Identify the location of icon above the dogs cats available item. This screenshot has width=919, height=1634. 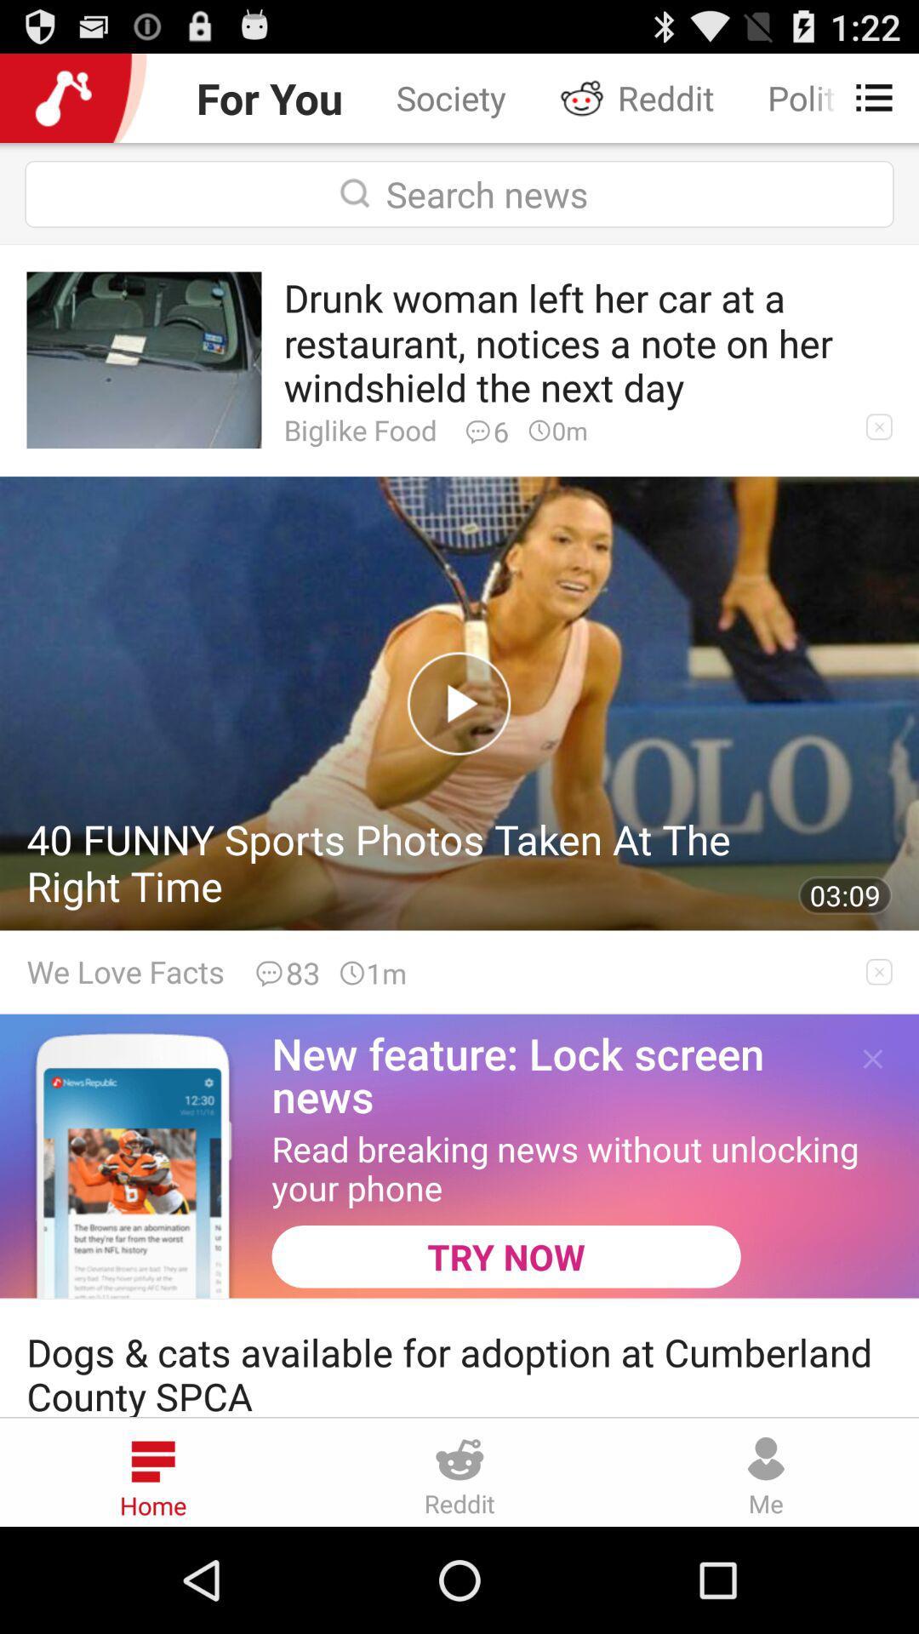
(505, 1256).